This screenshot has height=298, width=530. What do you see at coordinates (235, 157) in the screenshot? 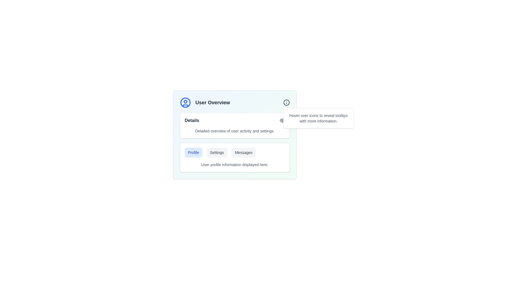
I see `any of the buttons ('Profile', 'Settings', 'Messages') in the composite UI element located in the 'User Overview' section` at bounding box center [235, 157].